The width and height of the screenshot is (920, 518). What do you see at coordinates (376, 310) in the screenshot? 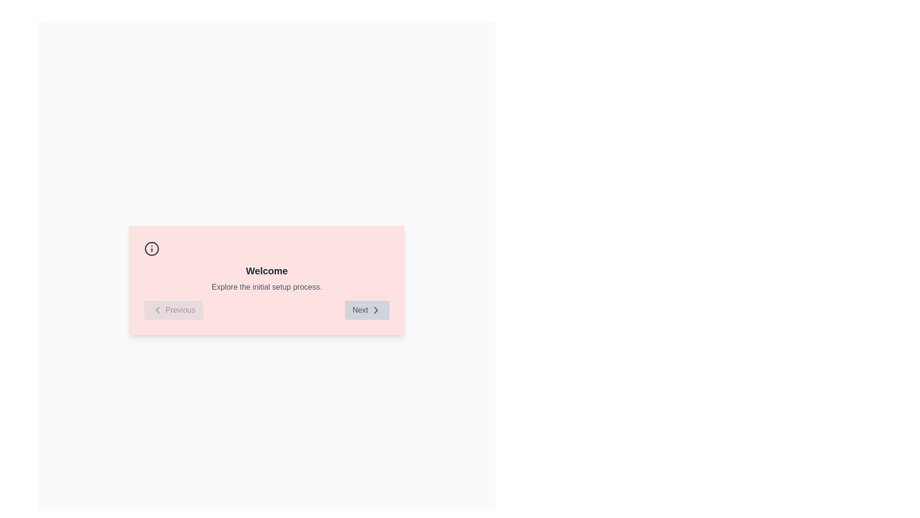
I see `the chevron-right icon located inside the 'Next' button, which indicates the forward direction` at bounding box center [376, 310].